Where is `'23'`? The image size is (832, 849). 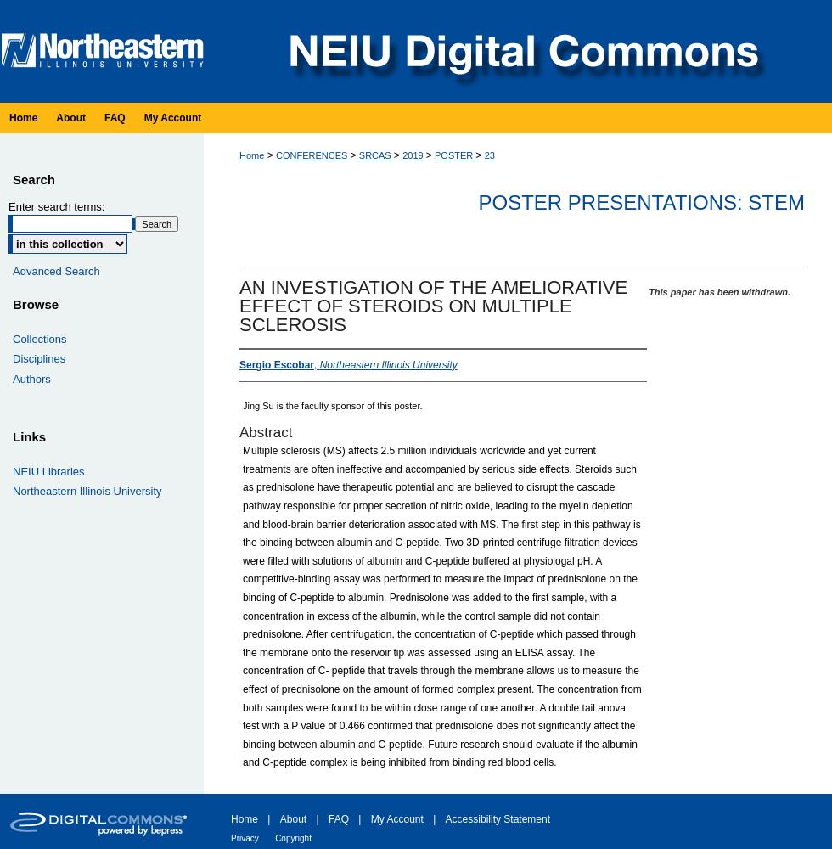
'23' is located at coordinates (489, 155).